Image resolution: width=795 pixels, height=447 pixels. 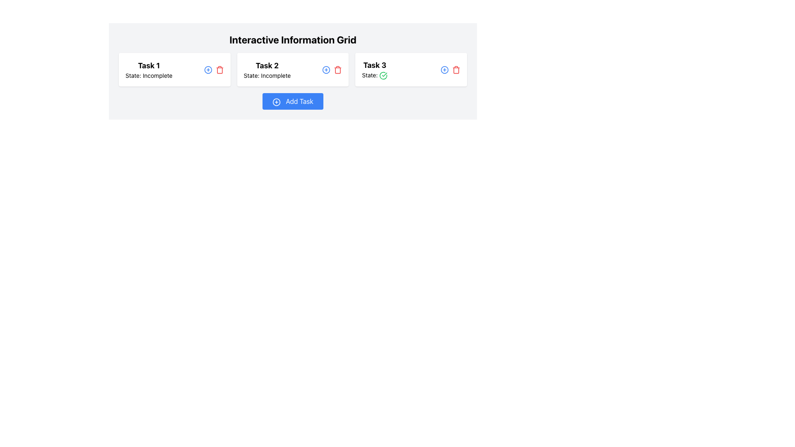 What do you see at coordinates (444, 69) in the screenshot?
I see `the central circular graphical element of the 'plus' icon located beside 'Task 3' in the 'Interactive Information Grid'` at bounding box center [444, 69].